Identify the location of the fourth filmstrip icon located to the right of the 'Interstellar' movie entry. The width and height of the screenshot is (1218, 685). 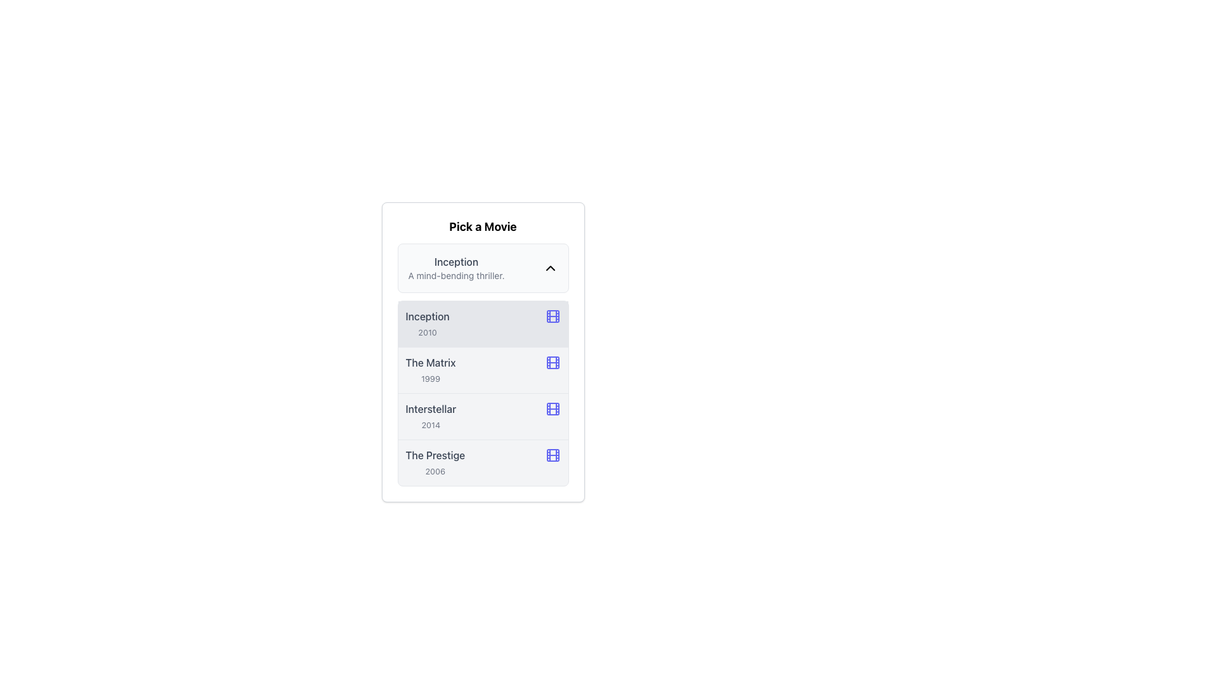
(553, 408).